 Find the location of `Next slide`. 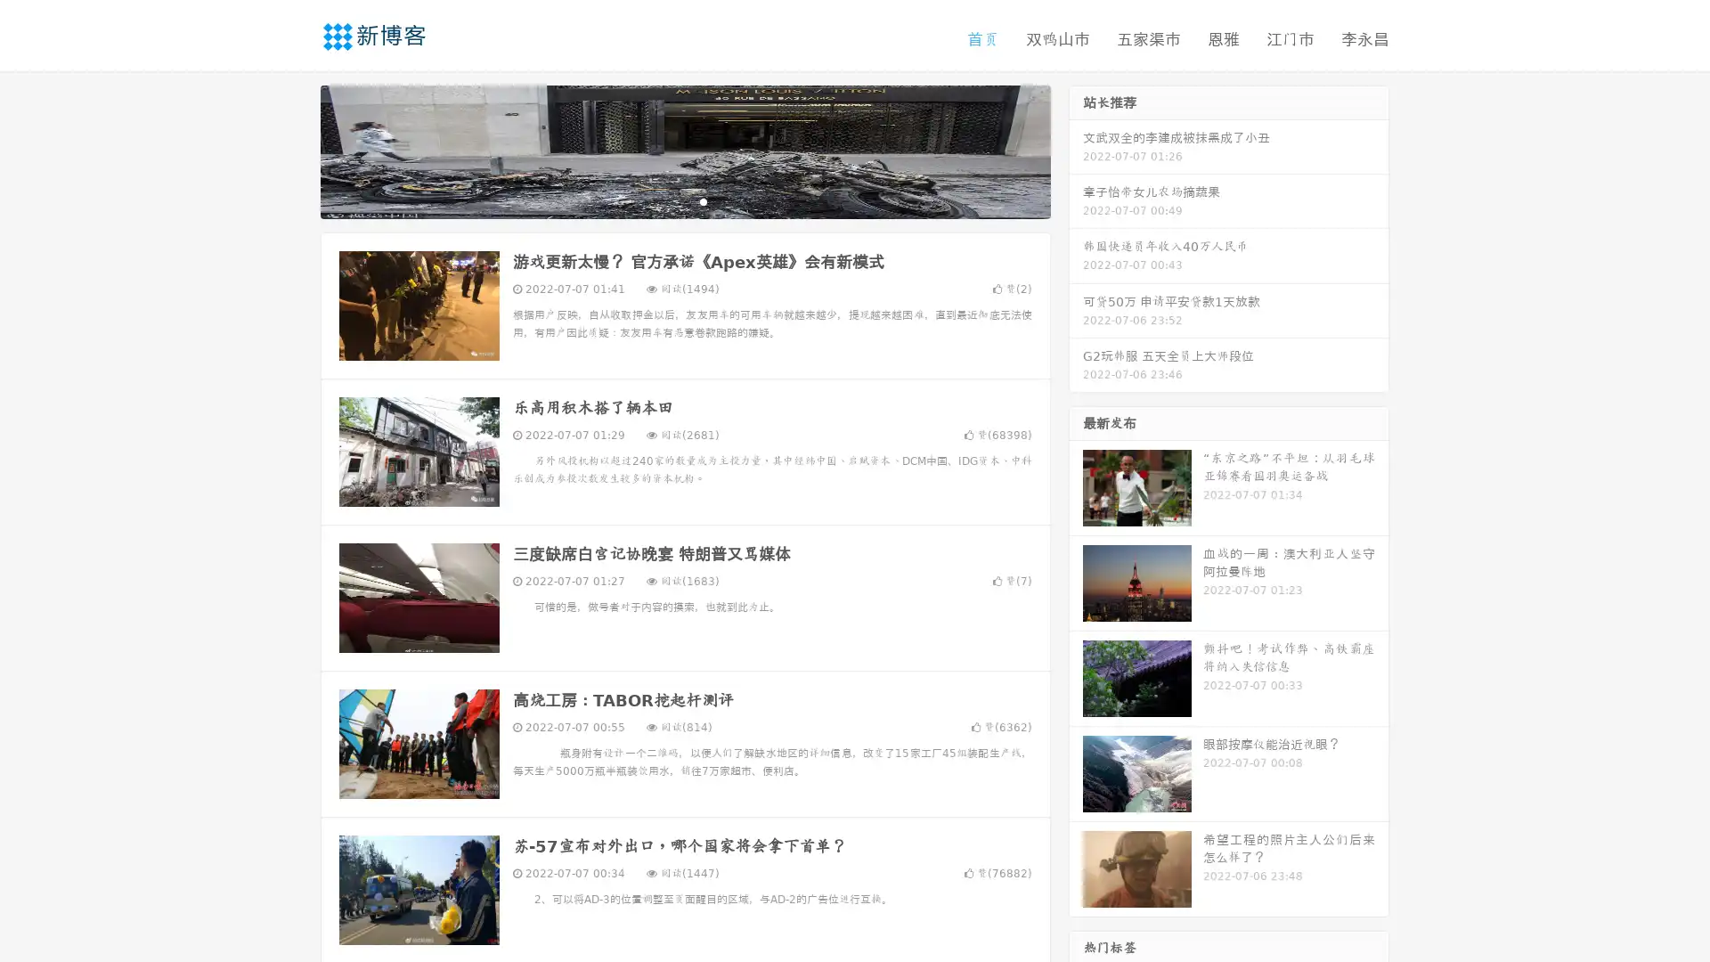

Next slide is located at coordinates (1076, 150).